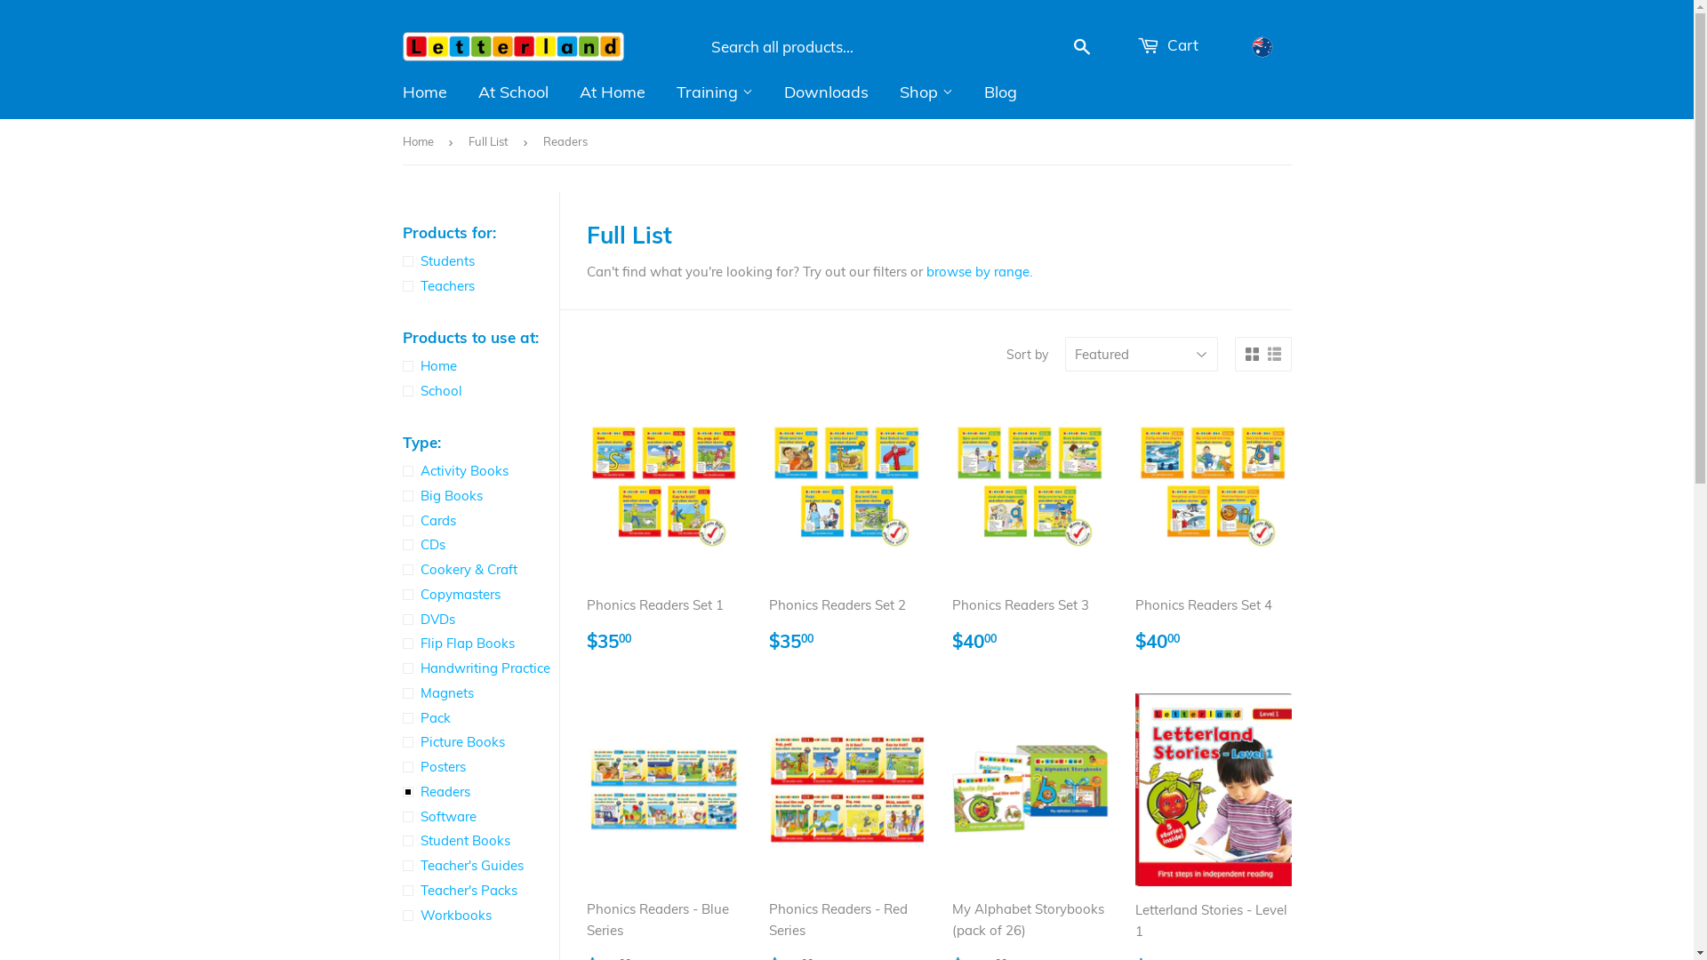 This screenshot has width=1707, height=960. Describe the element at coordinates (664, 527) in the screenshot. I see `'Phonics Readers Set 1` at that location.